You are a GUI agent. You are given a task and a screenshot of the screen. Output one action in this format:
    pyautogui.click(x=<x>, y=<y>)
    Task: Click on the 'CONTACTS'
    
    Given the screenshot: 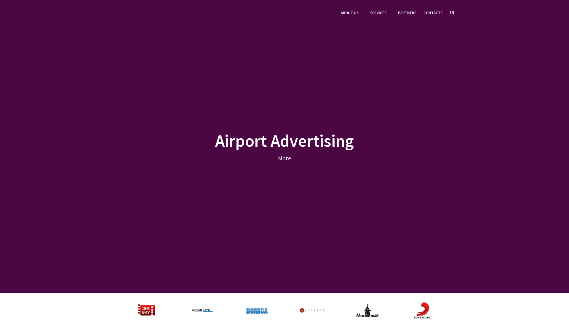 What is the action you would take?
    pyautogui.click(x=423, y=13)
    